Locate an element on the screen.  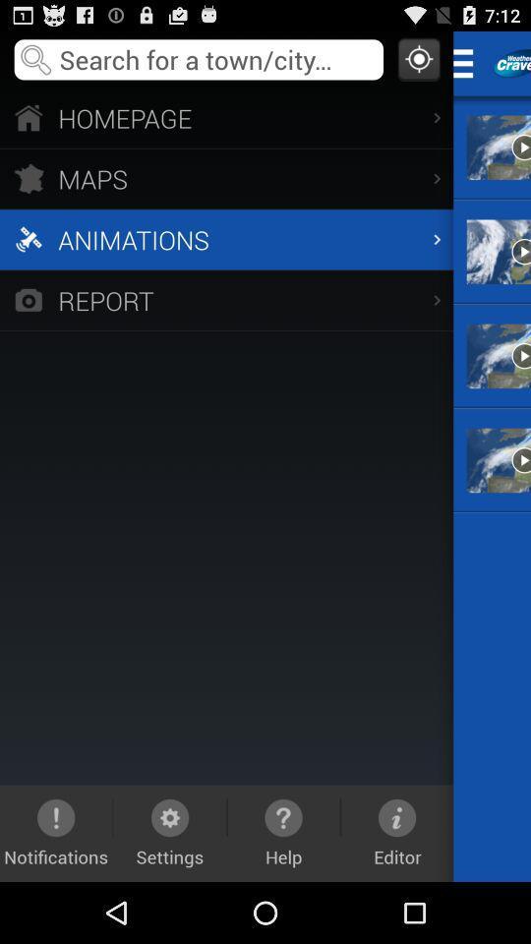
location button is located at coordinates (418, 58).